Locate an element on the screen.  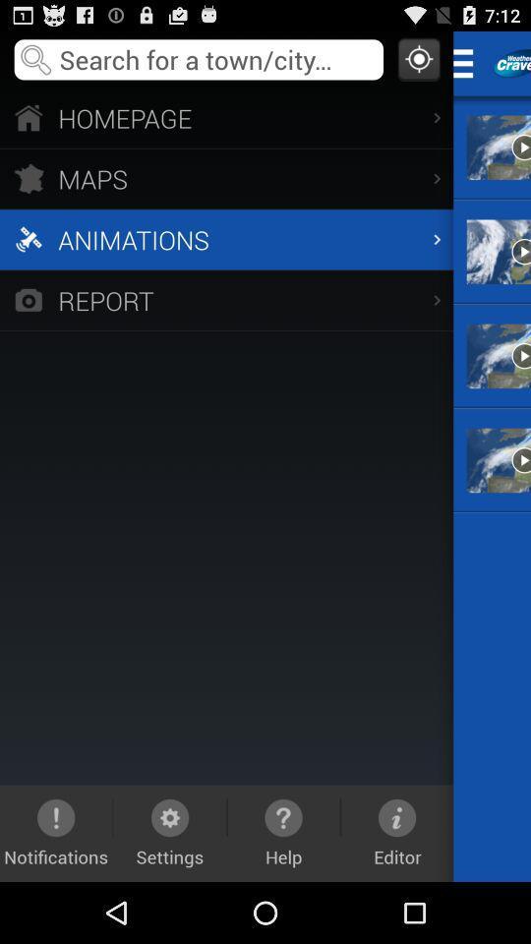
location button is located at coordinates (418, 58).